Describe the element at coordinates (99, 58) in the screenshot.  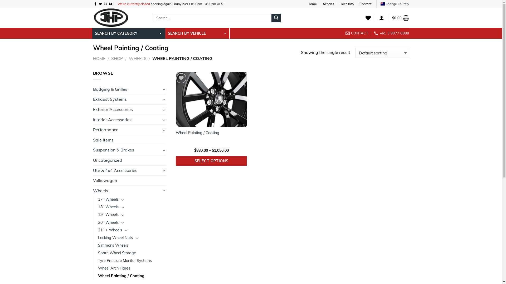
I see `'HOME'` at that location.